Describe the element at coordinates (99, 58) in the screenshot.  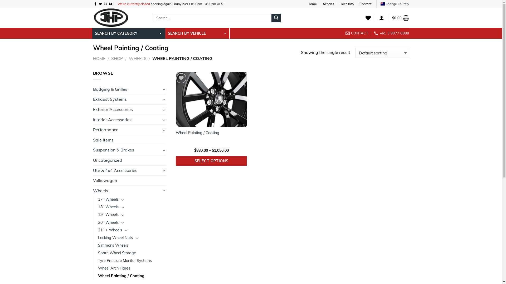
I see `'HOME'` at that location.